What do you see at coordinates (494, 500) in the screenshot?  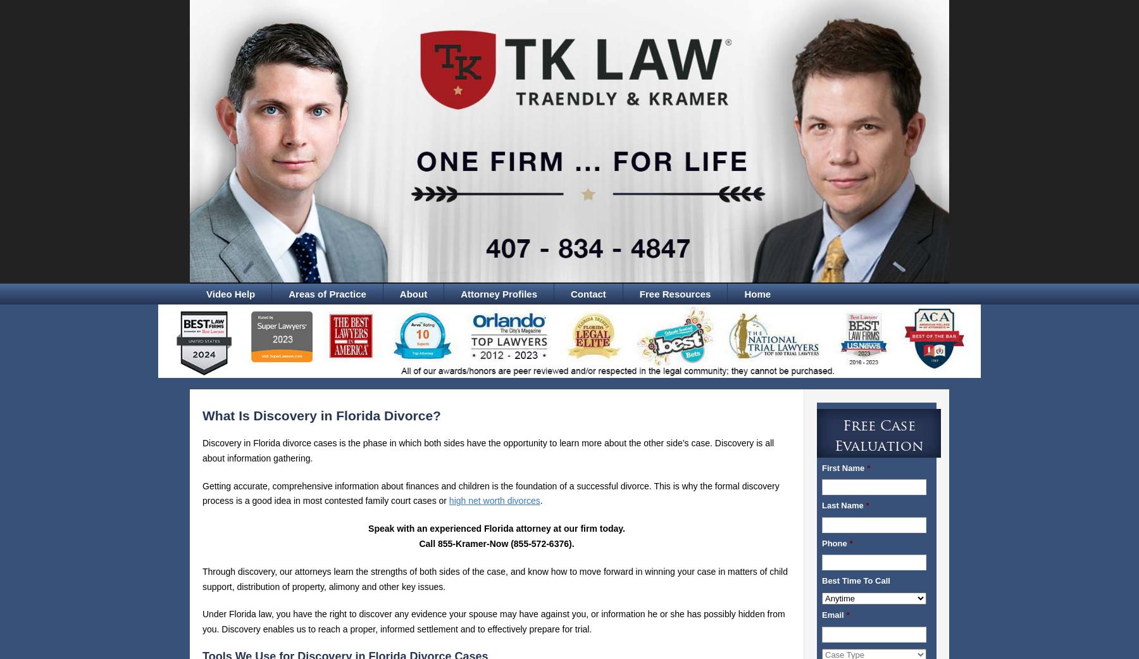 I see `'high net worth divorces'` at bounding box center [494, 500].